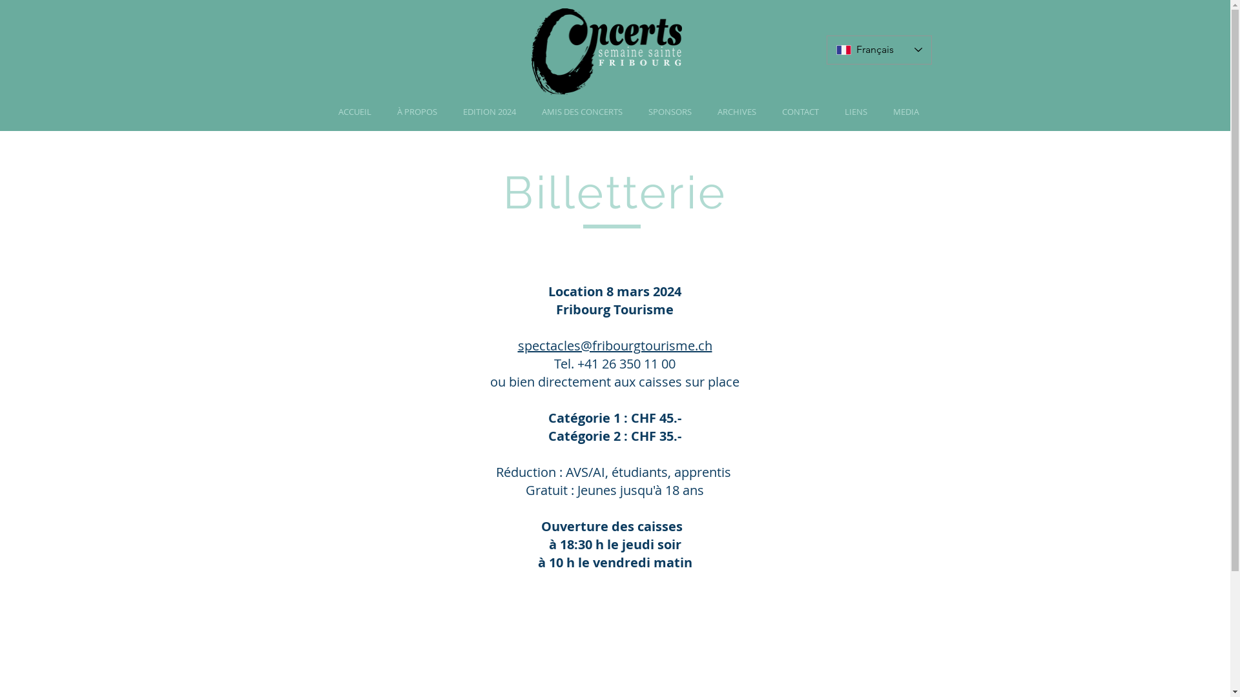 This screenshot has height=697, width=1240. What do you see at coordinates (670, 111) in the screenshot?
I see `'SPONSORS'` at bounding box center [670, 111].